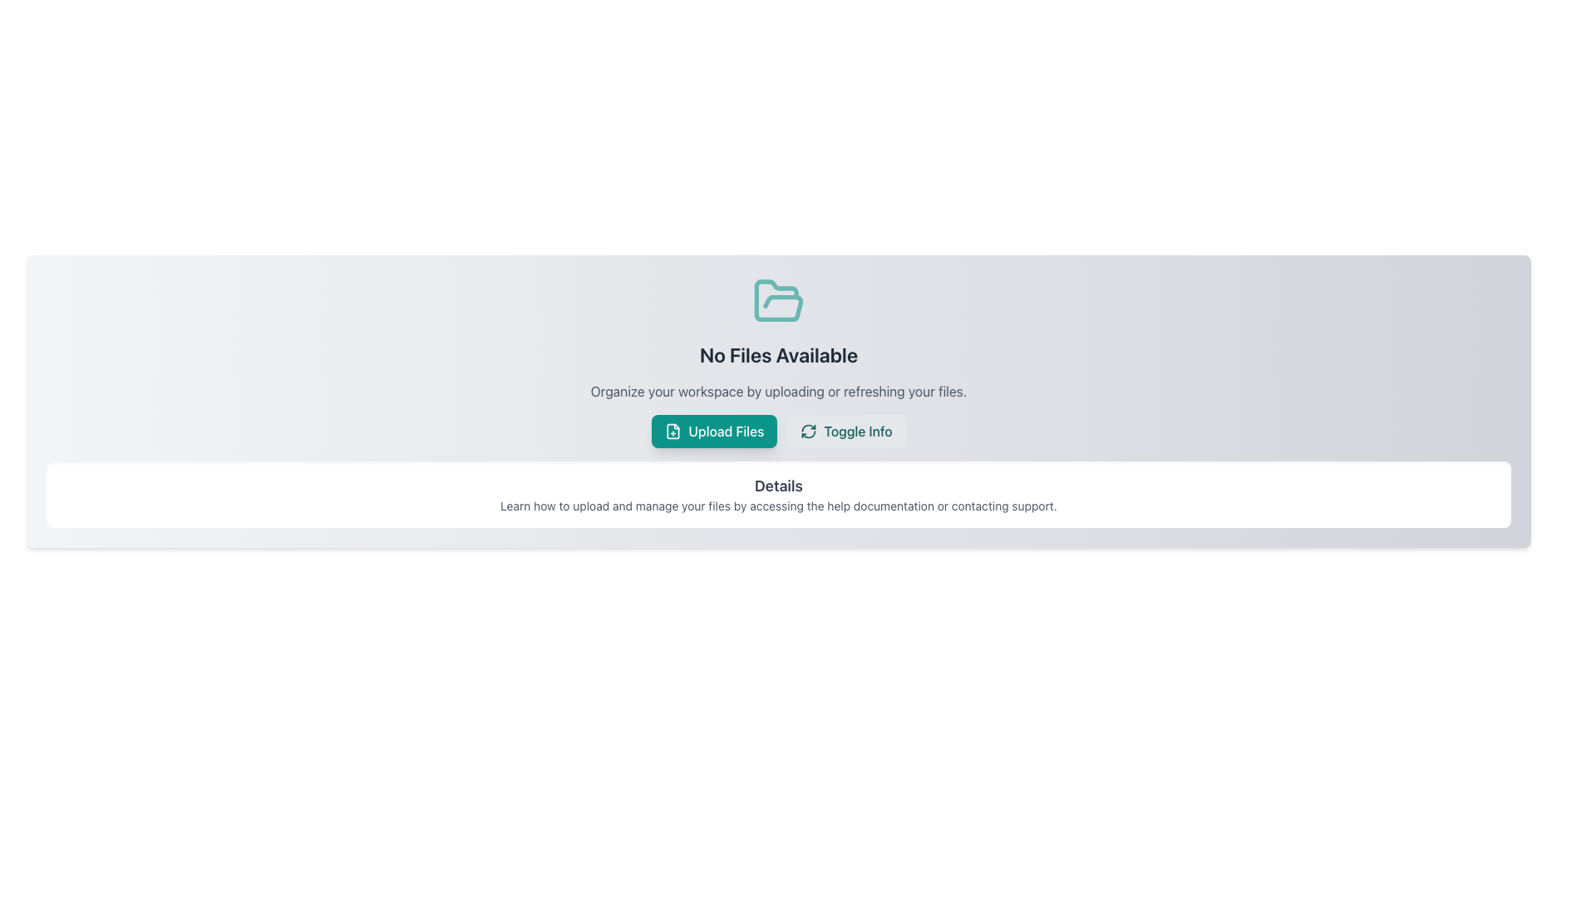 This screenshot has width=1596, height=898. I want to click on the 'Upload Files' button which contains an icon representing a document with a plus sign, located to the left of the text 'Upload Files', so click(673, 431).